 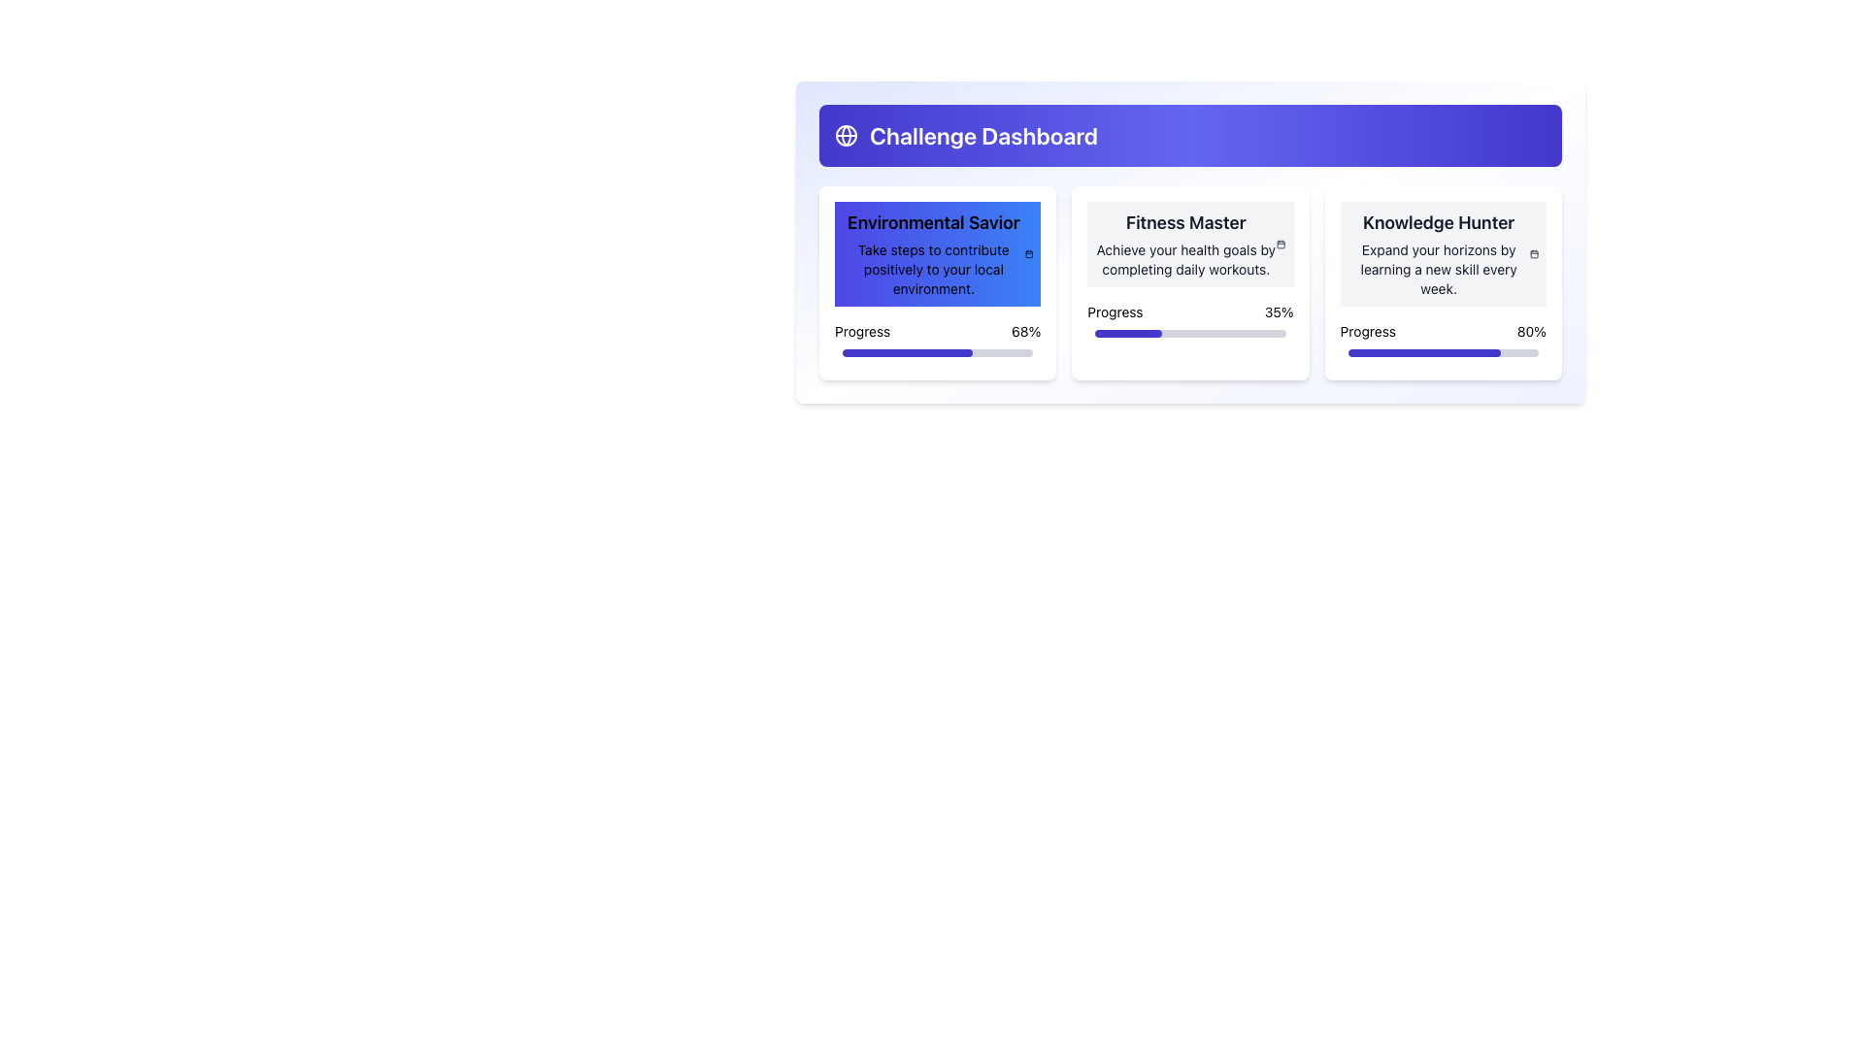 I want to click on the 'Knowledge Hunter' card, which has a white background, rounded corners, and a progress section showing '80%' filled in blue, so click(x=1443, y=283).